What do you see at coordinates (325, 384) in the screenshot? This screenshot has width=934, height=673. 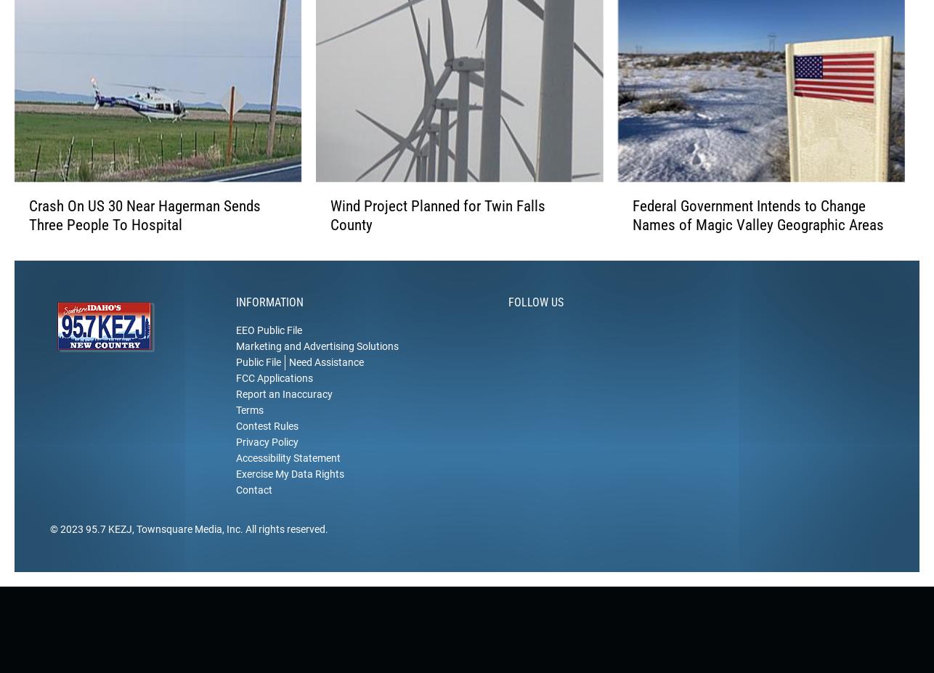 I see `'Need Assistance'` at bounding box center [325, 384].